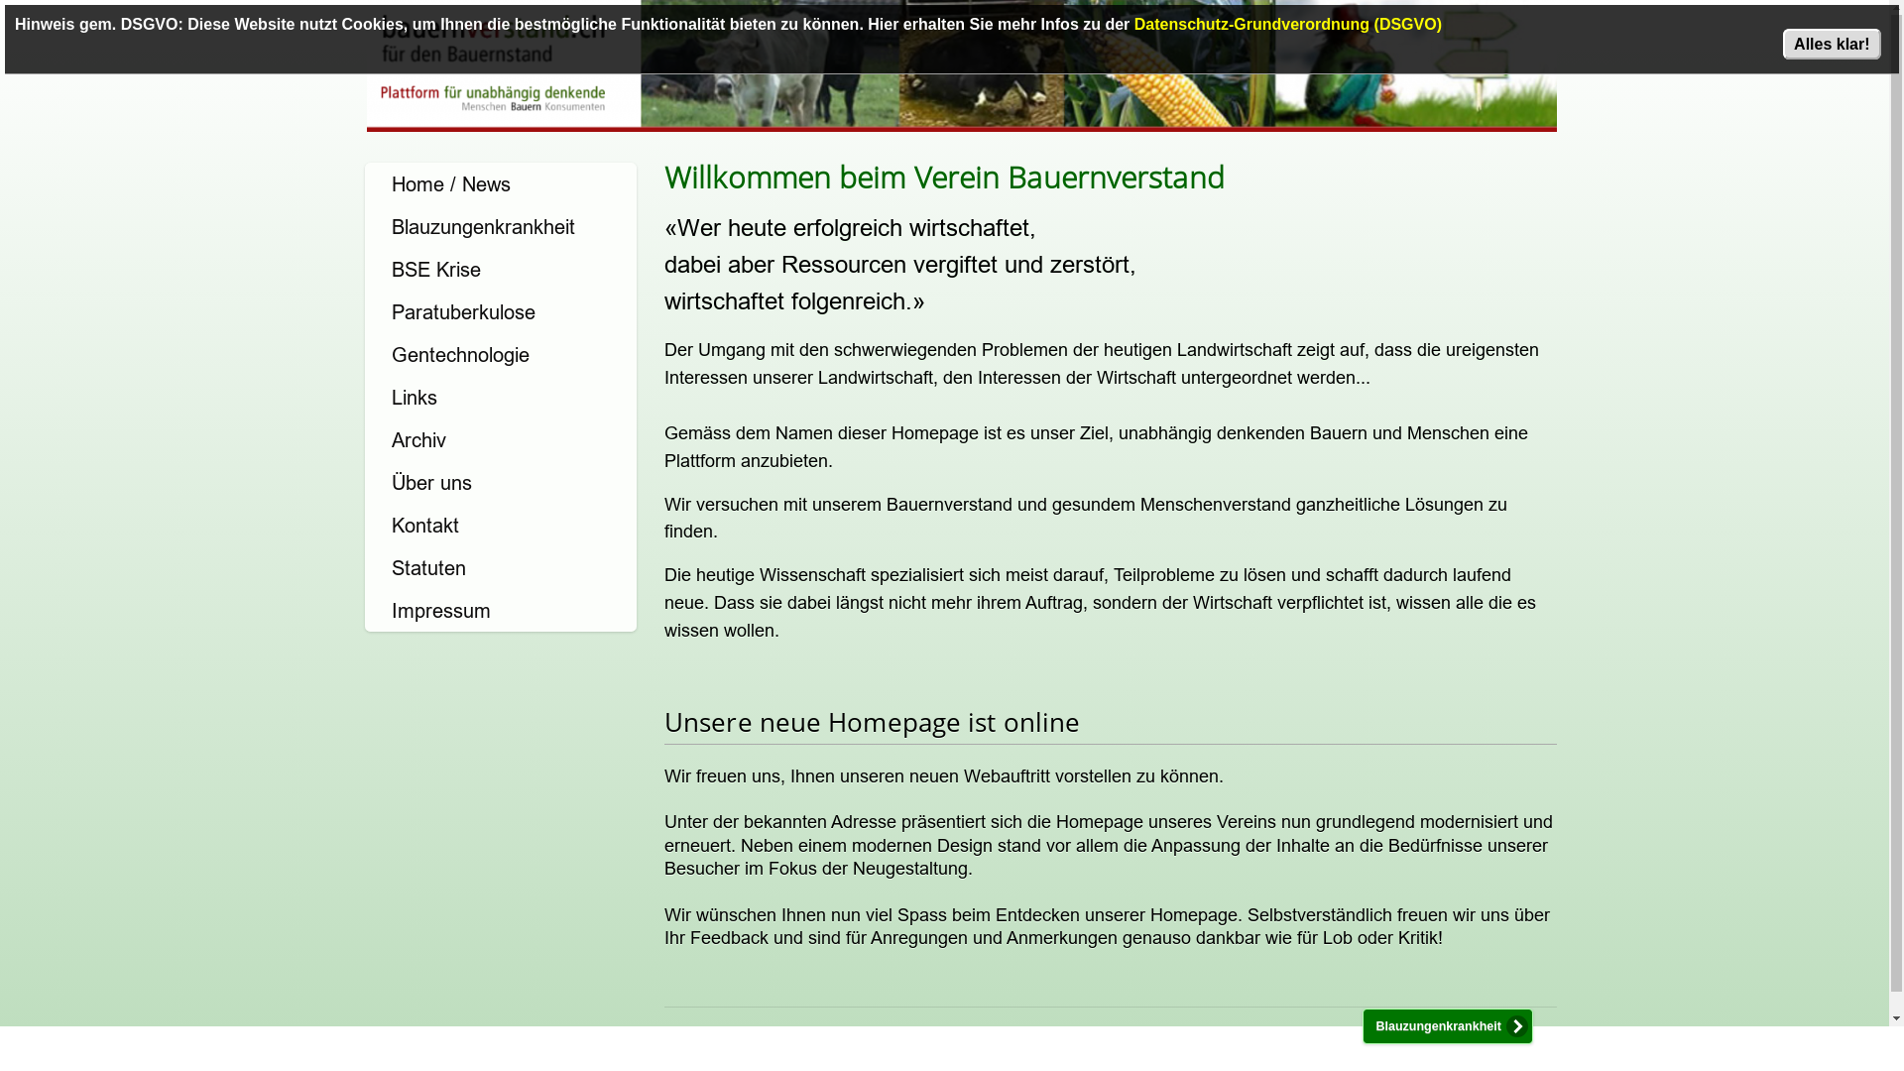 The height and width of the screenshot is (1071, 1904). What do you see at coordinates (500, 438) in the screenshot?
I see `'Archiv'` at bounding box center [500, 438].